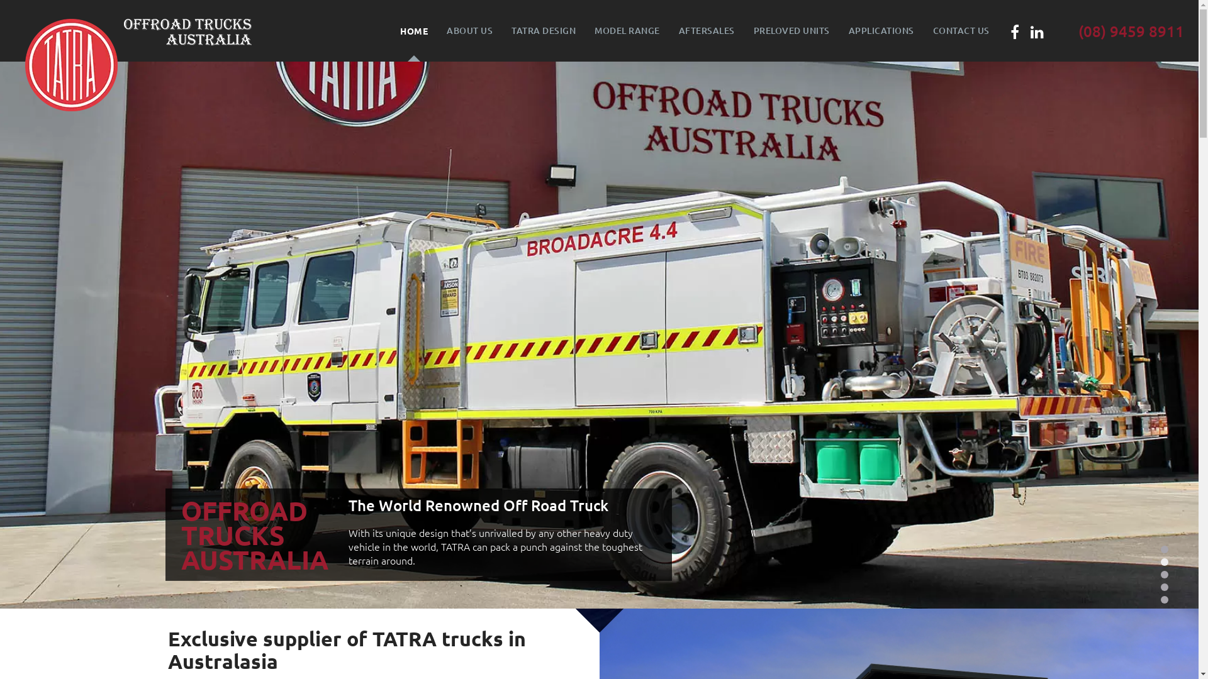 The height and width of the screenshot is (679, 1208). Describe the element at coordinates (790, 30) in the screenshot. I see `'PRELOVED UNITS'` at that location.